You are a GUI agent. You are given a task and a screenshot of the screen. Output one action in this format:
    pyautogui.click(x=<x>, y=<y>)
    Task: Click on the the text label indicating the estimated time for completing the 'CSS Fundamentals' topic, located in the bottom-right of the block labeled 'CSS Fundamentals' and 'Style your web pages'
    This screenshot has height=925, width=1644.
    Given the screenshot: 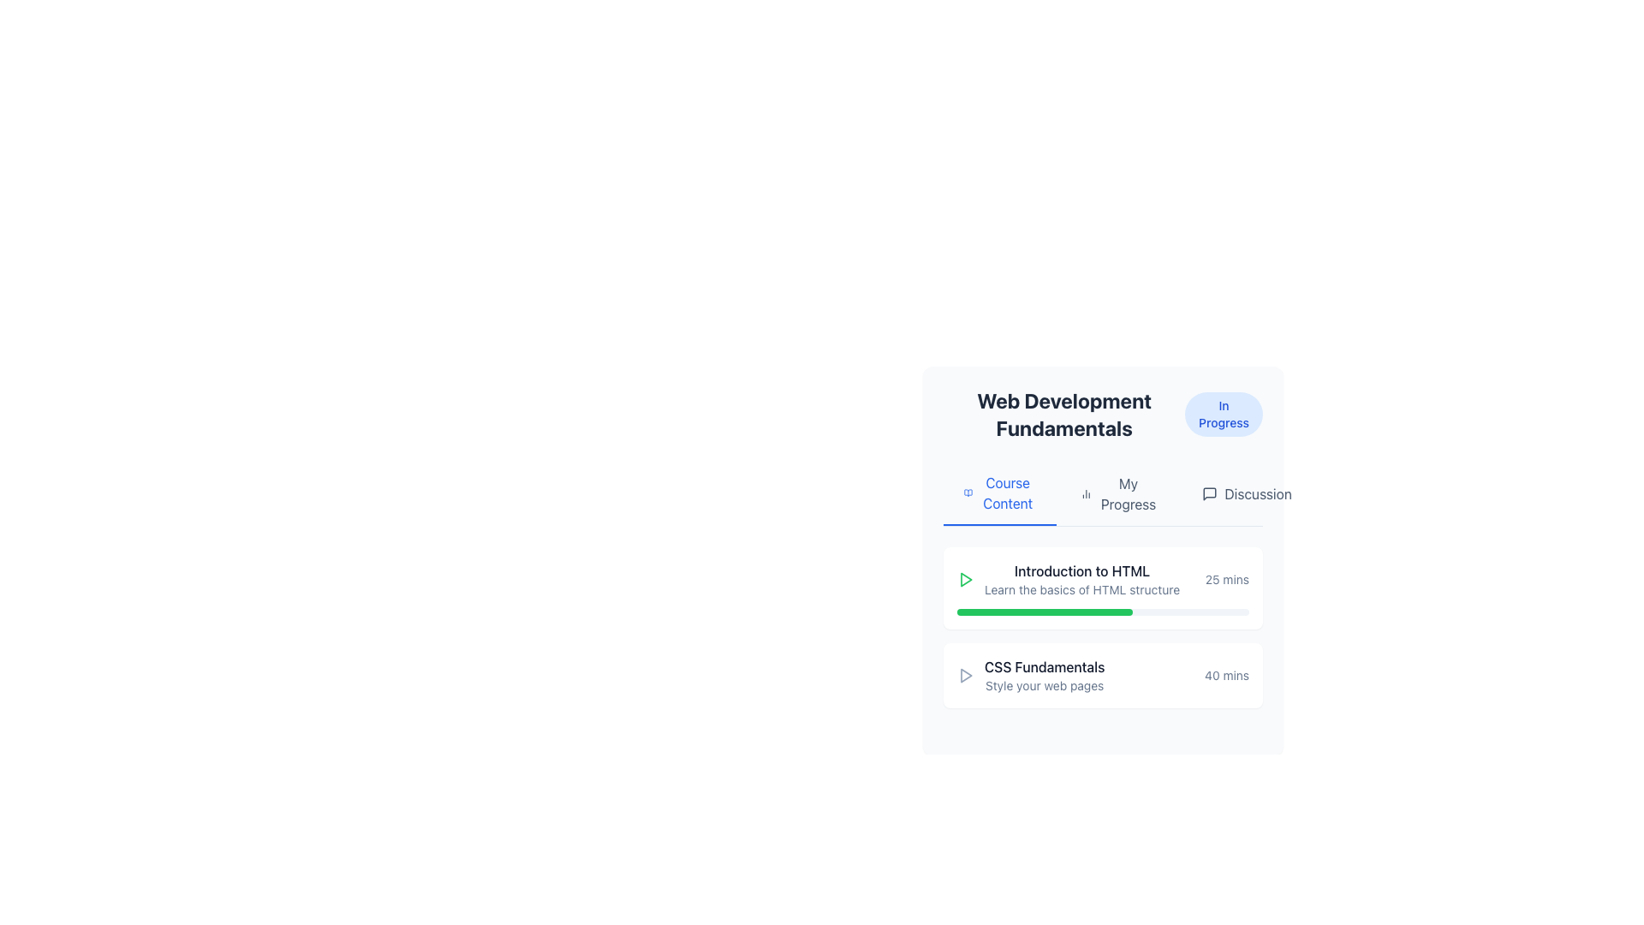 What is the action you would take?
    pyautogui.click(x=1226, y=675)
    